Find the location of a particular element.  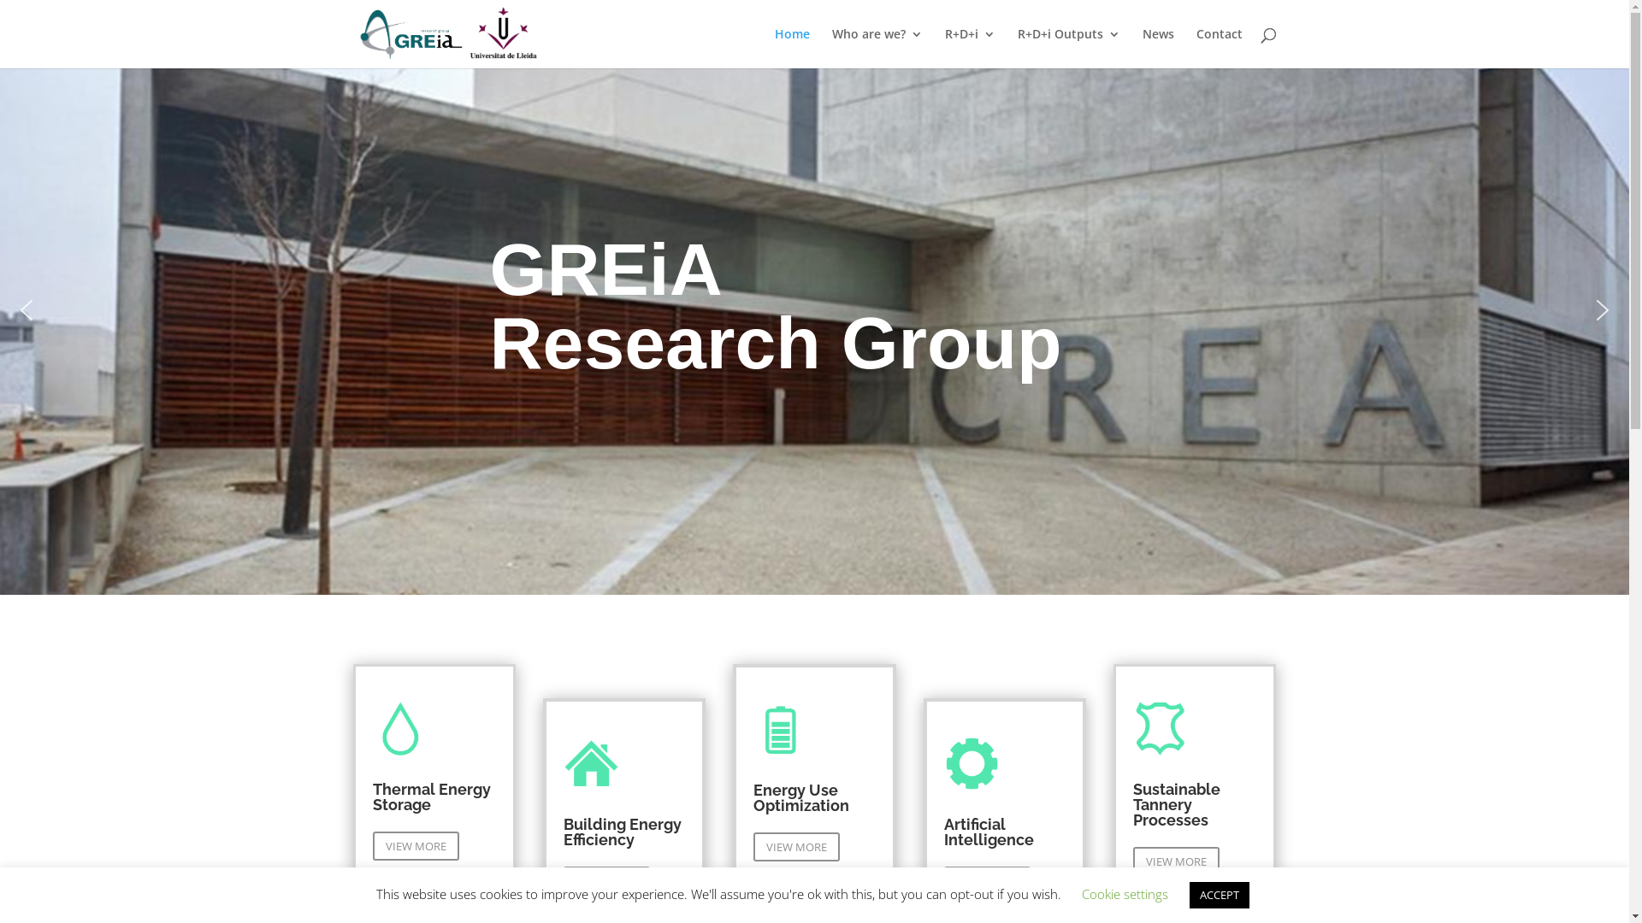

'VIEW MORE' is located at coordinates (795, 847).